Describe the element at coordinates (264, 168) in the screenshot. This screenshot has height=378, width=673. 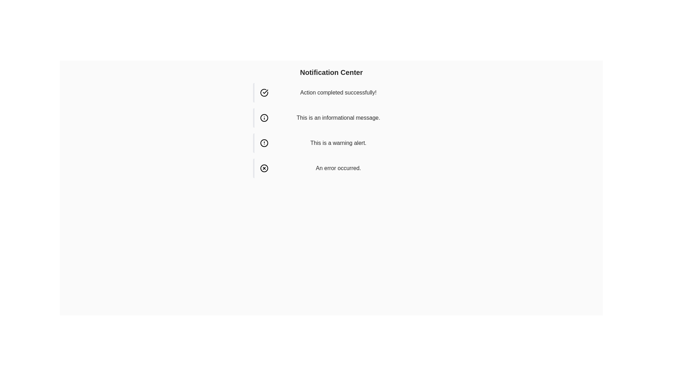
I see `the outermost circle of the error icon in the notification center that signifies issues, specifically aligned with the notification stating 'An error occurred.'` at that location.